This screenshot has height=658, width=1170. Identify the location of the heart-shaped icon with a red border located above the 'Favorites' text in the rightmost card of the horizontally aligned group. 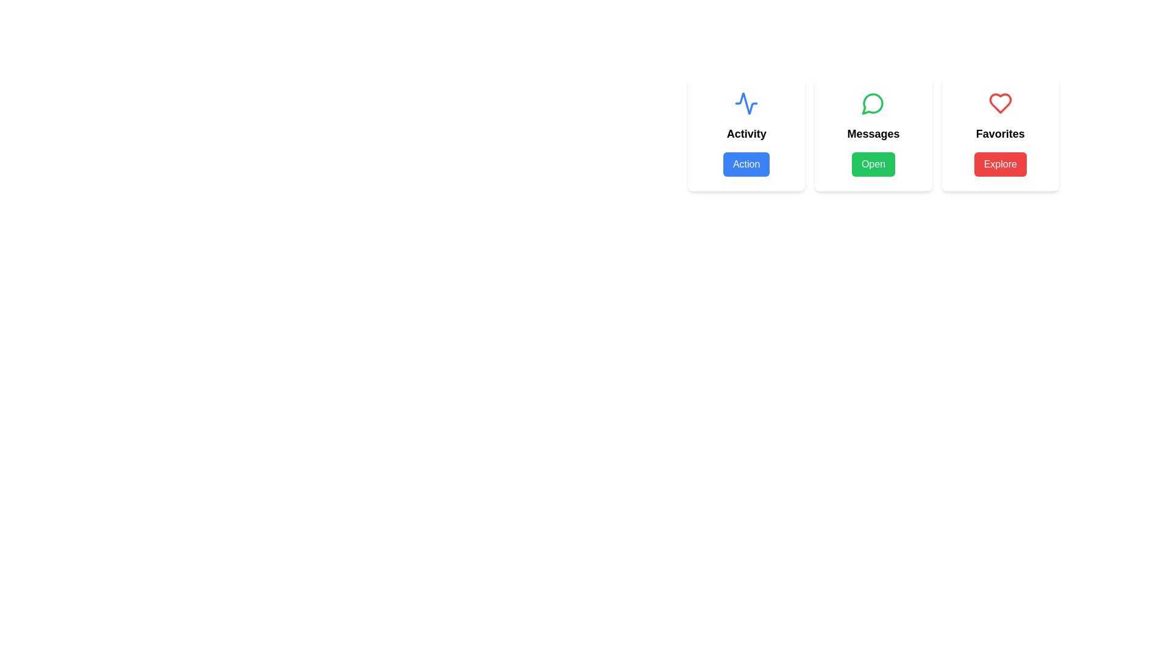
(1000, 102).